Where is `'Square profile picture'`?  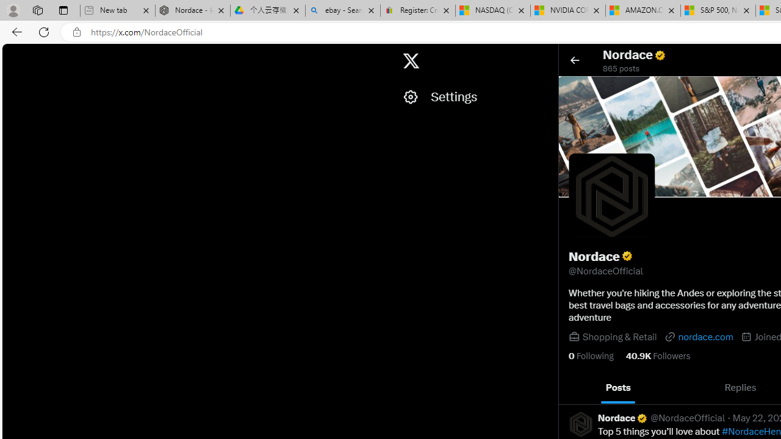
'Square profile picture' is located at coordinates (580, 423).